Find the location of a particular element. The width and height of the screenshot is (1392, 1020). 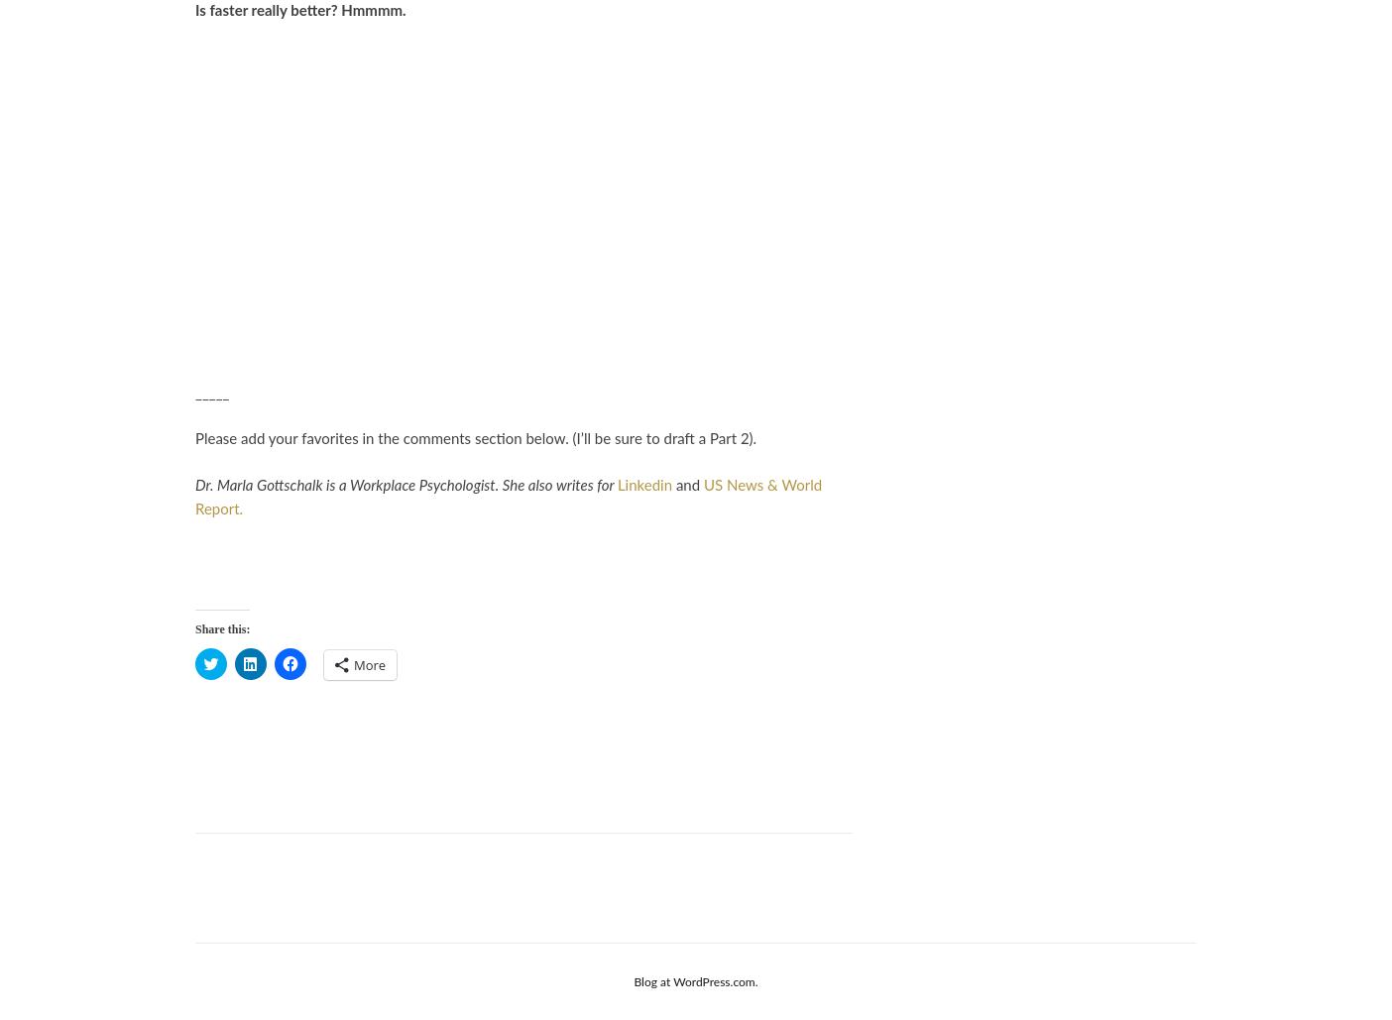

'Is faster really better? Hmmmm.' is located at coordinates (299, 11).